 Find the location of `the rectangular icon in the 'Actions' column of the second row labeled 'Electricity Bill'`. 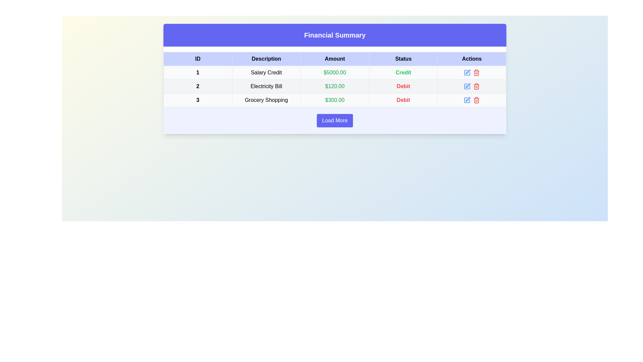

the rectangular icon in the 'Actions' column of the second row labeled 'Electricity Bill' is located at coordinates (467, 86).